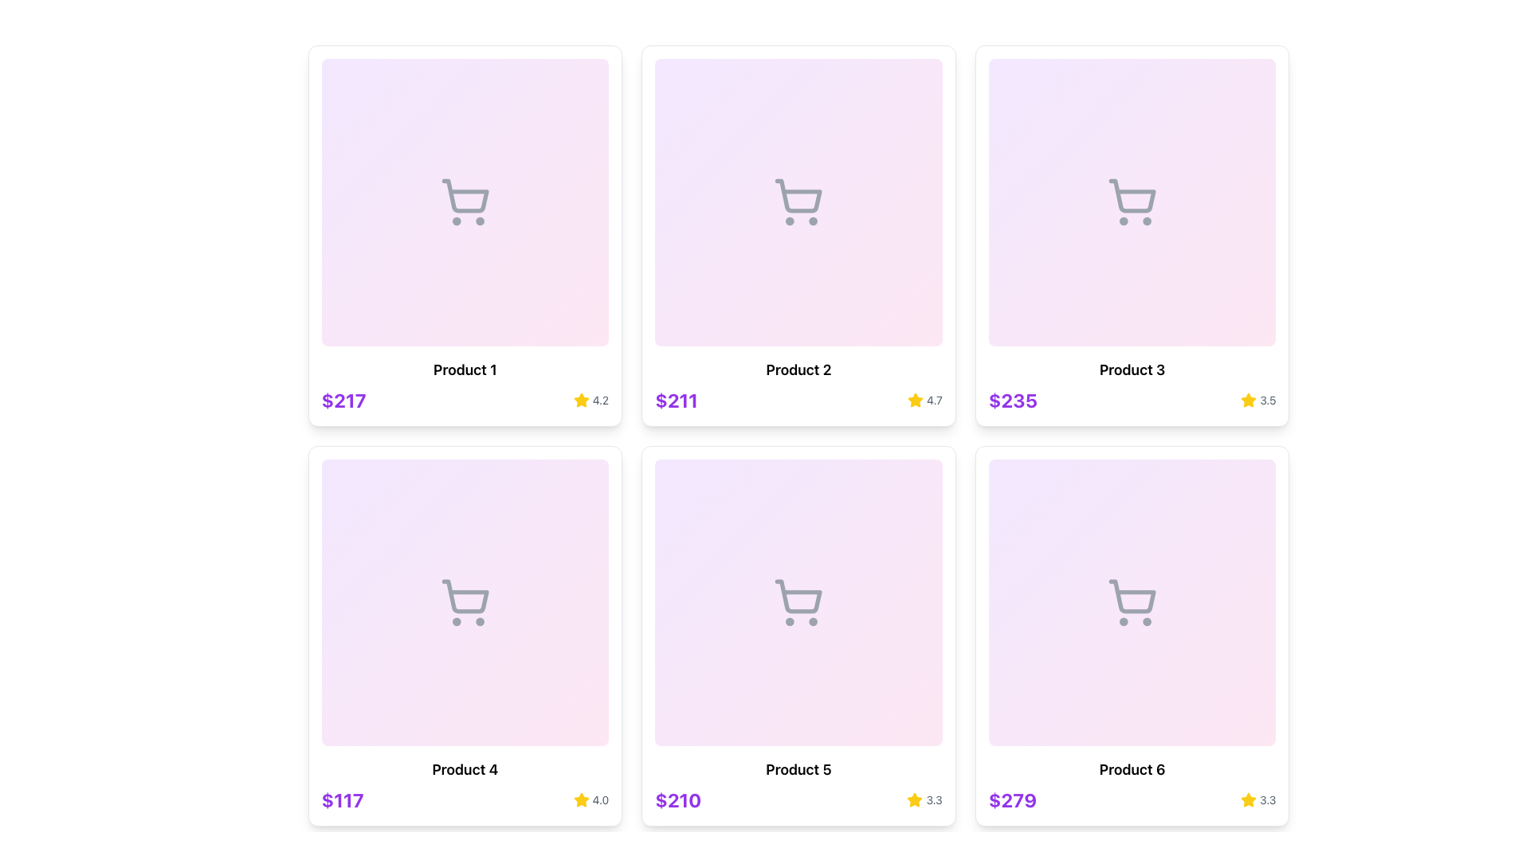 Image resolution: width=1530 pixels, height=860 pixels. Describe the element at coordinates (342, 800) in the screenshot. I see `the price label for 'Product 4', which is located at the bottom-left corner inside the product card` at that location.